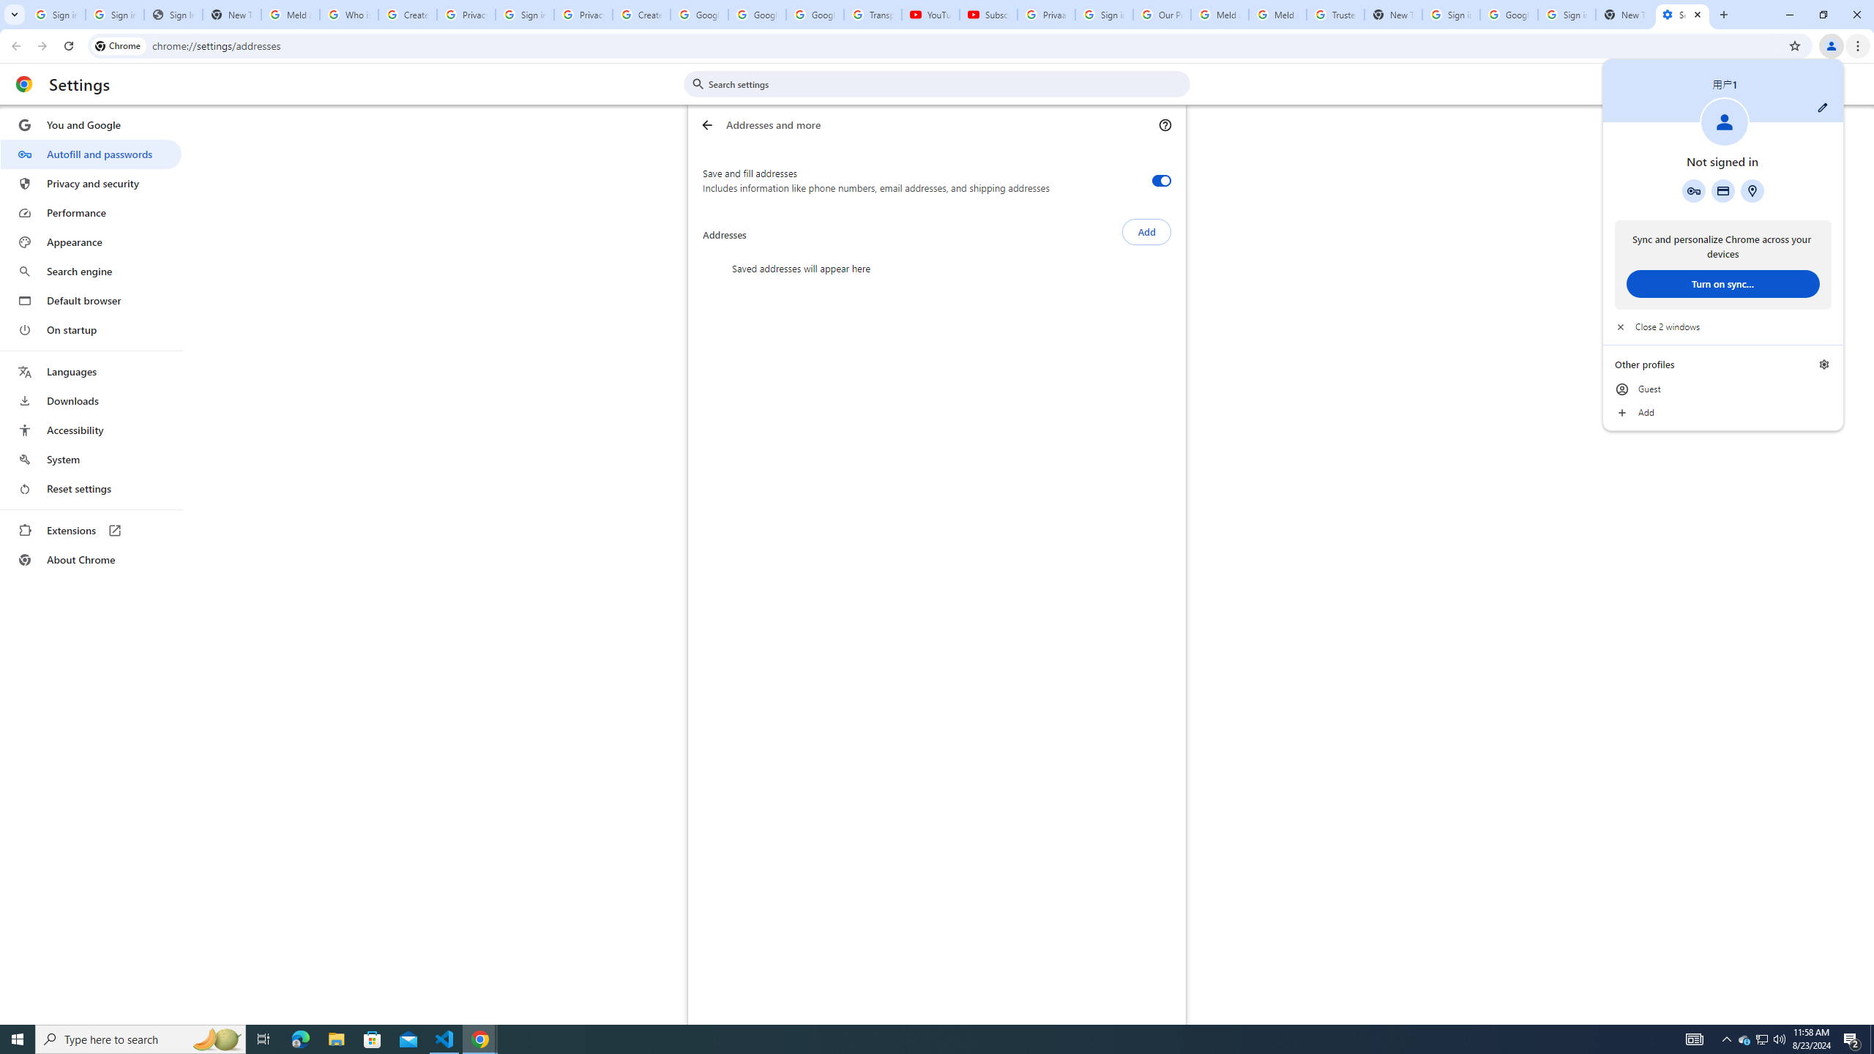 The height and width of the screenshot is (1054, 1874). What do you see at coordinates (90, 272) in the screenshot?
I see `'Search engine'` at bounding box center [90, 272].